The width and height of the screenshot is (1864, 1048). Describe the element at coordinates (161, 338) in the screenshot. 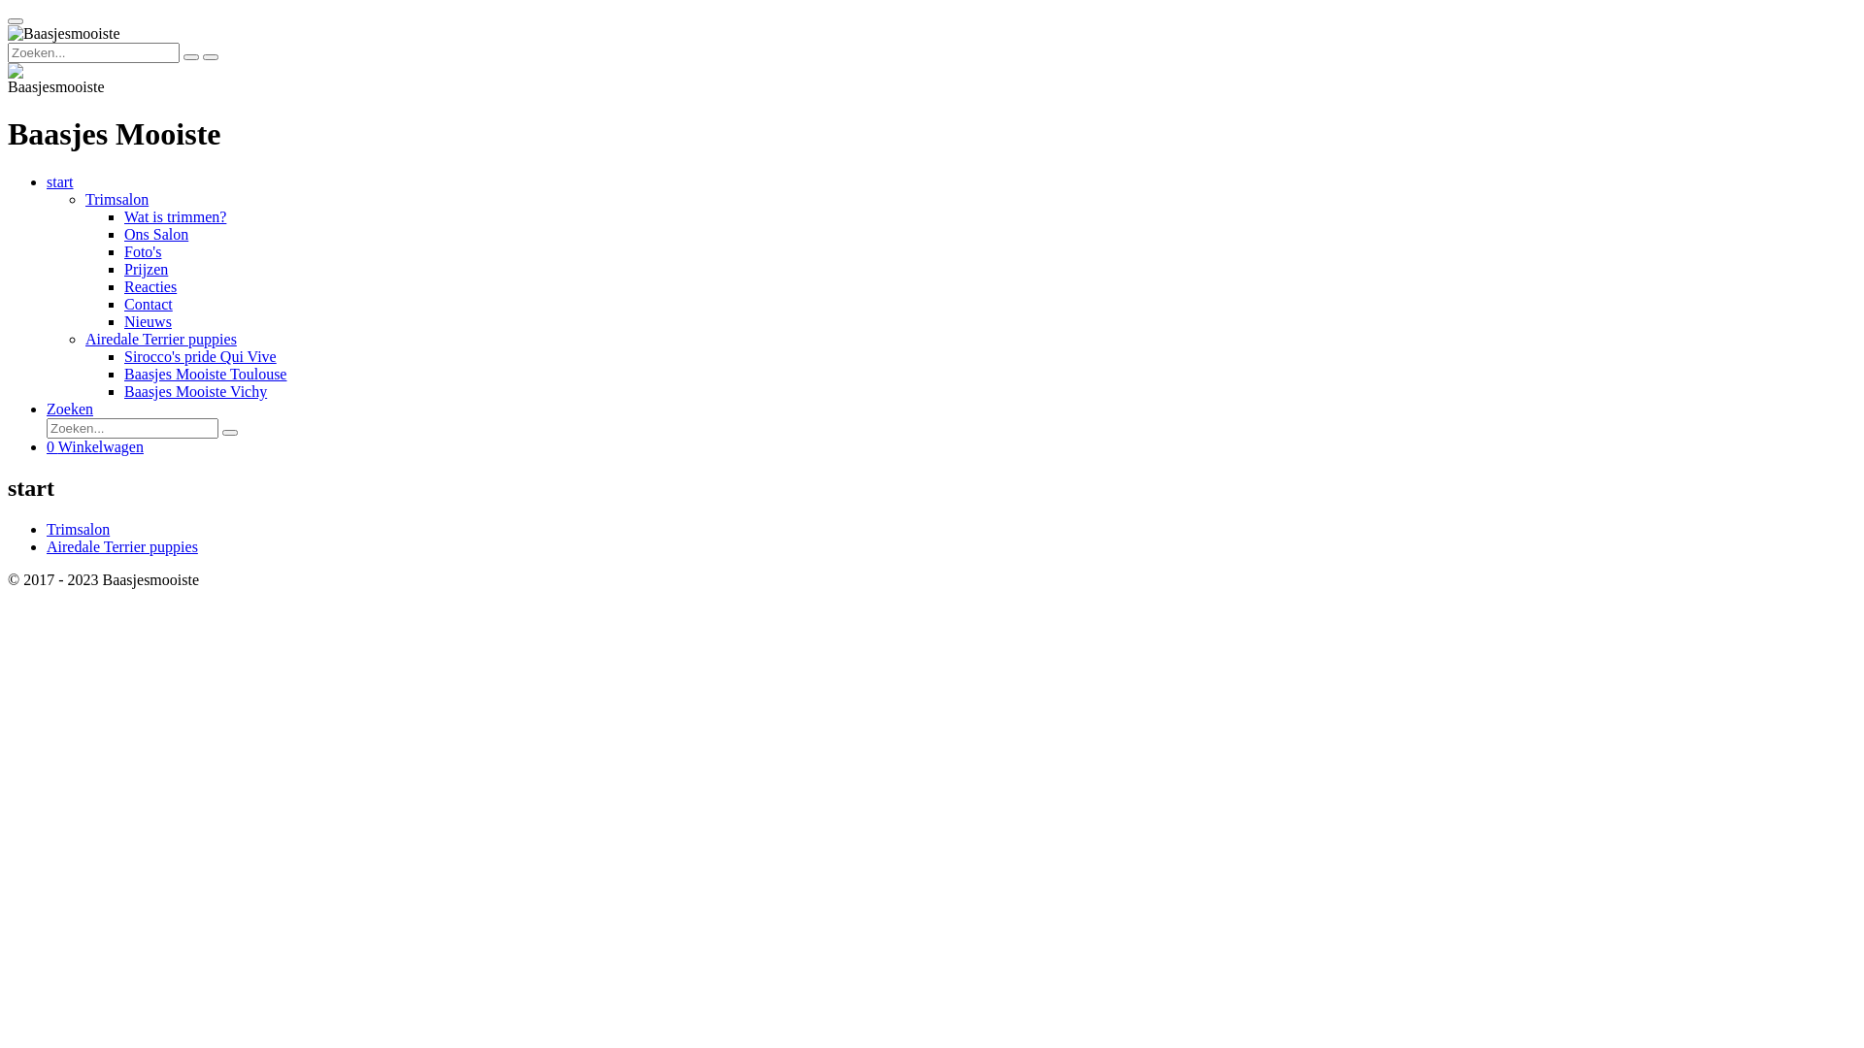

I see `'Airedale Terrier puppies'` at that location.